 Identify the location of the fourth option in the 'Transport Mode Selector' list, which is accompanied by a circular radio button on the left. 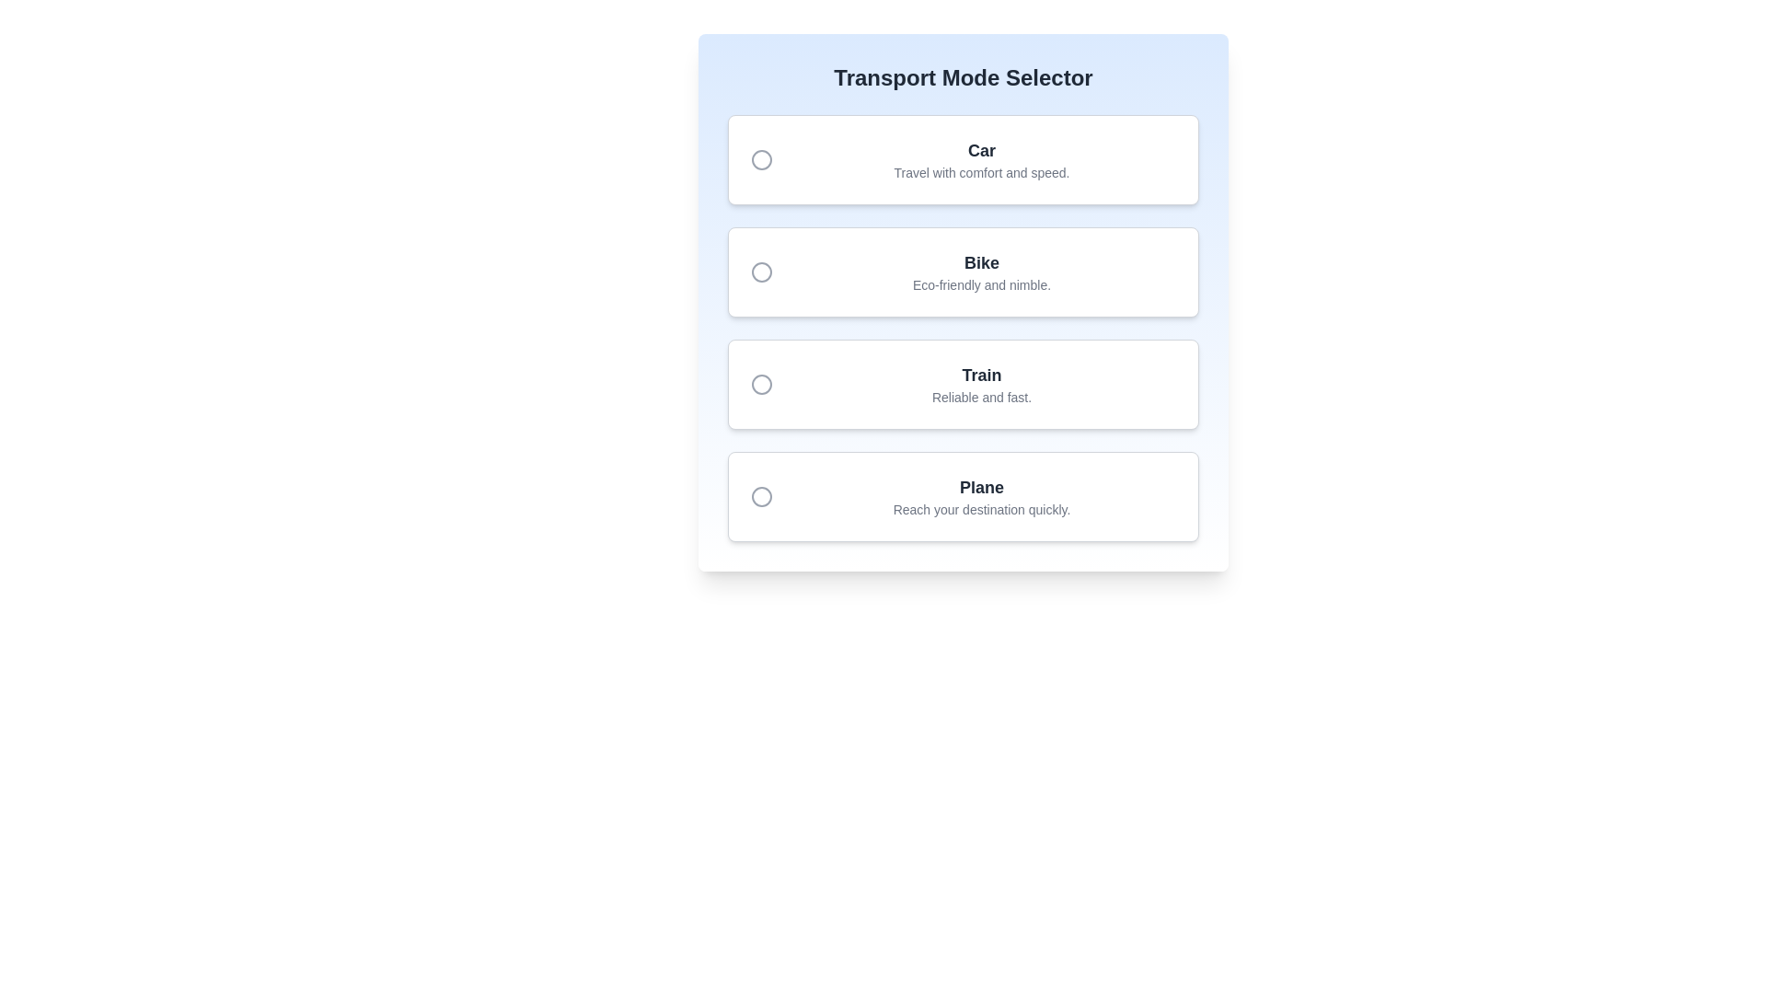
(980, 497).